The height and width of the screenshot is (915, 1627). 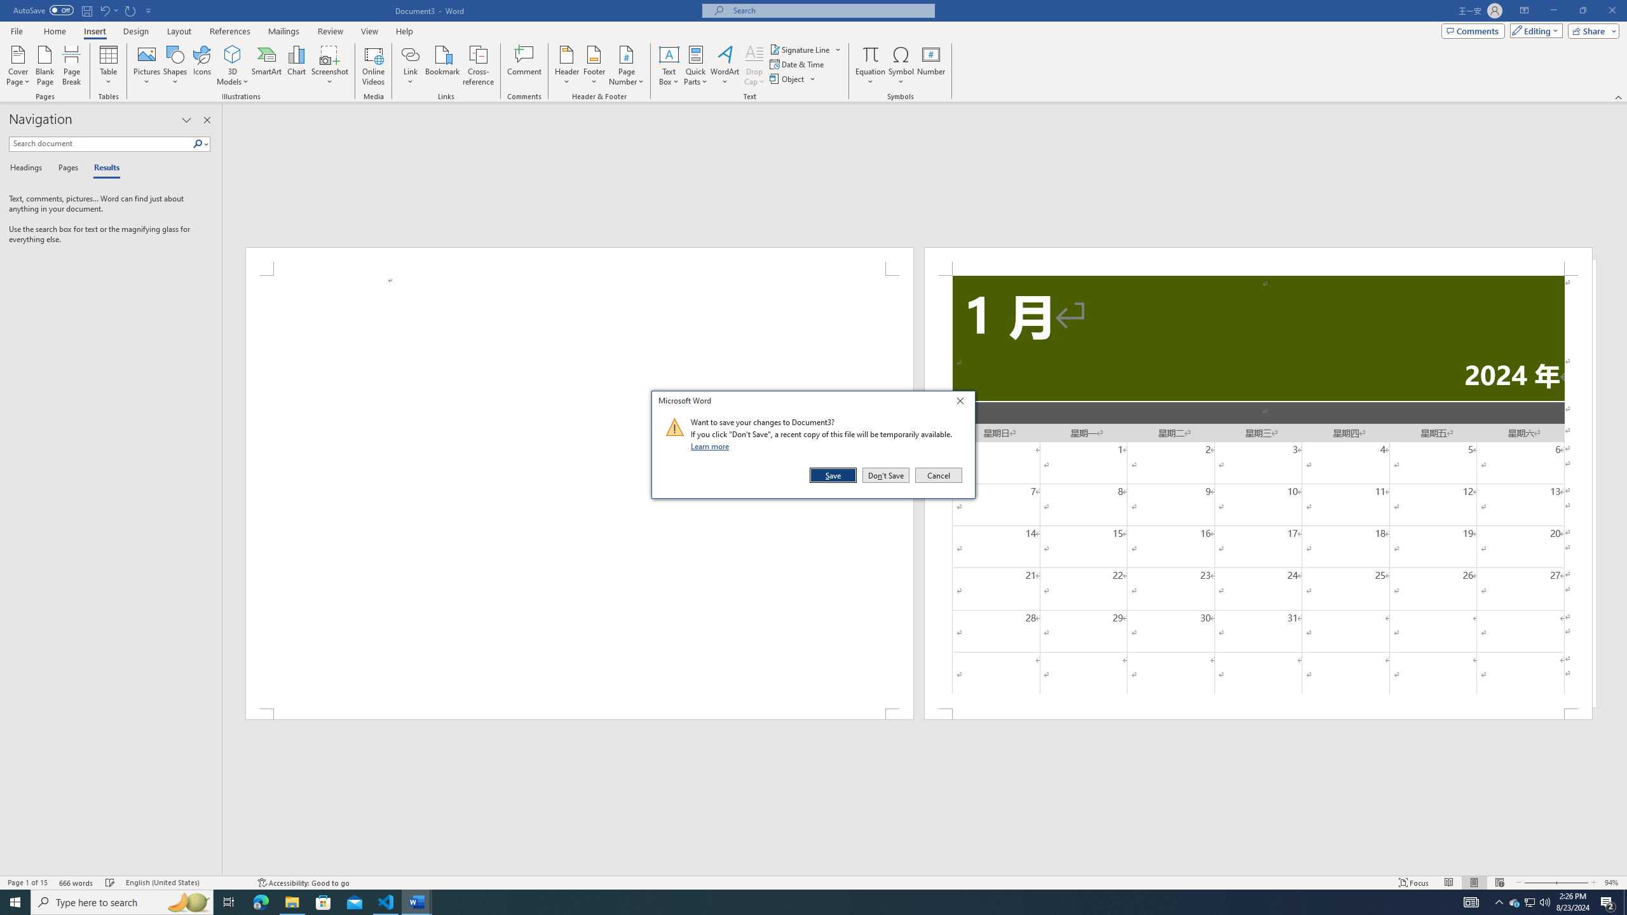 I want to click on 'Drop Cap', so click(x=754, y=65).